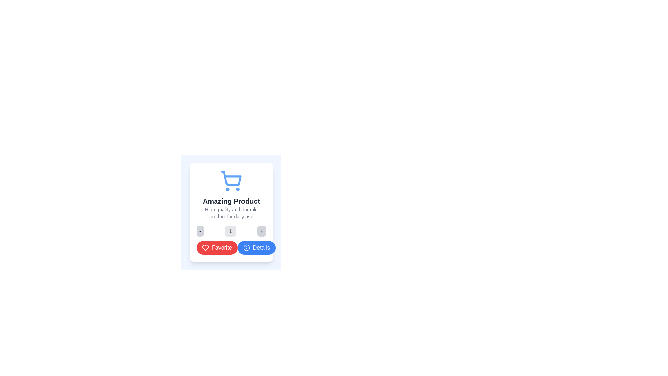  Describe the element at coordinates (246, 248) in the screenshot. I see `the circular graphic element of the information icon located at the top of the card, above the 'Amazing Product' text` at that location.